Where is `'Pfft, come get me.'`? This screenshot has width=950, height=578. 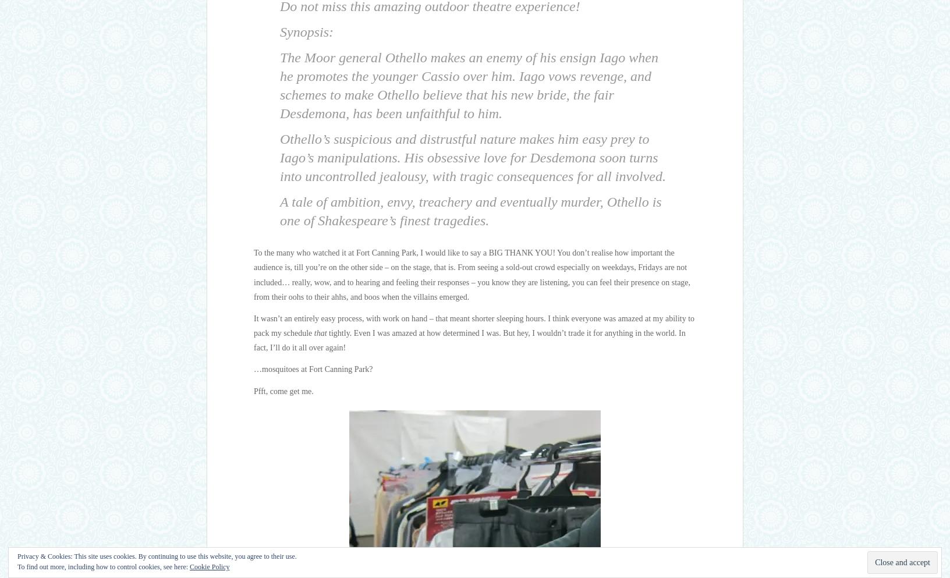
'Pfft, come get me.' is located at coordinates (282, 391).